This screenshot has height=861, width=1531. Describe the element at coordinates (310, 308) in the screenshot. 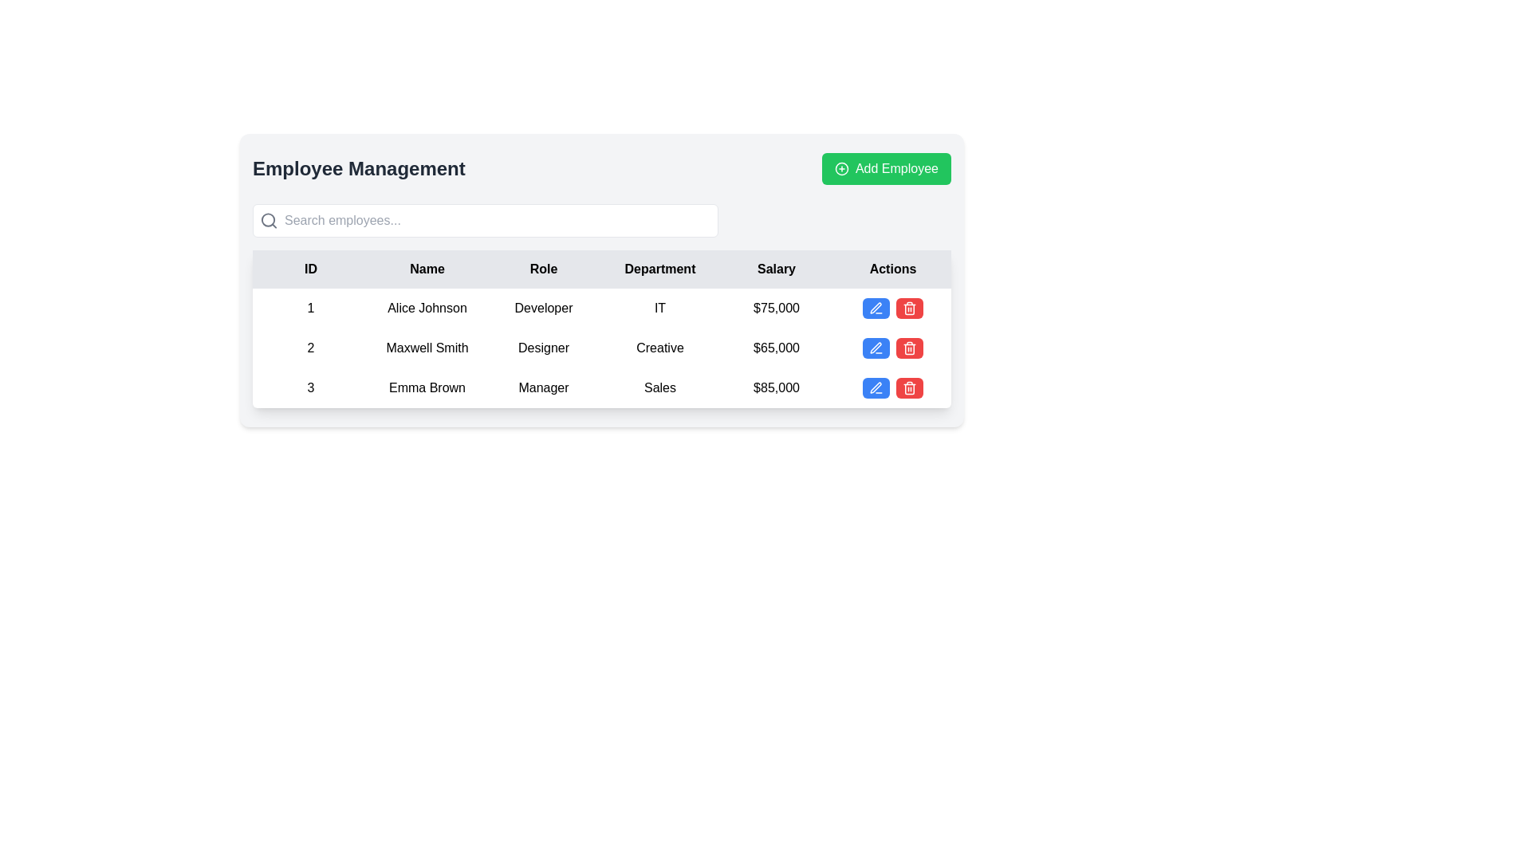

I see `the table cell in the first row under the 'ID' column that denotes the unique identifier for the row, to the left of 'Alice Johnson'` at that location.